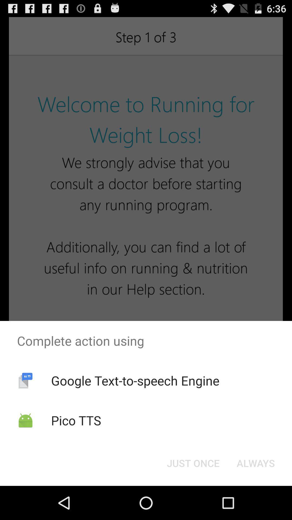 This screenshot has width=292, height=520. Describe the element at coordinates (76, 420) in the screenshot. I see `the app below google text to app` at that location.